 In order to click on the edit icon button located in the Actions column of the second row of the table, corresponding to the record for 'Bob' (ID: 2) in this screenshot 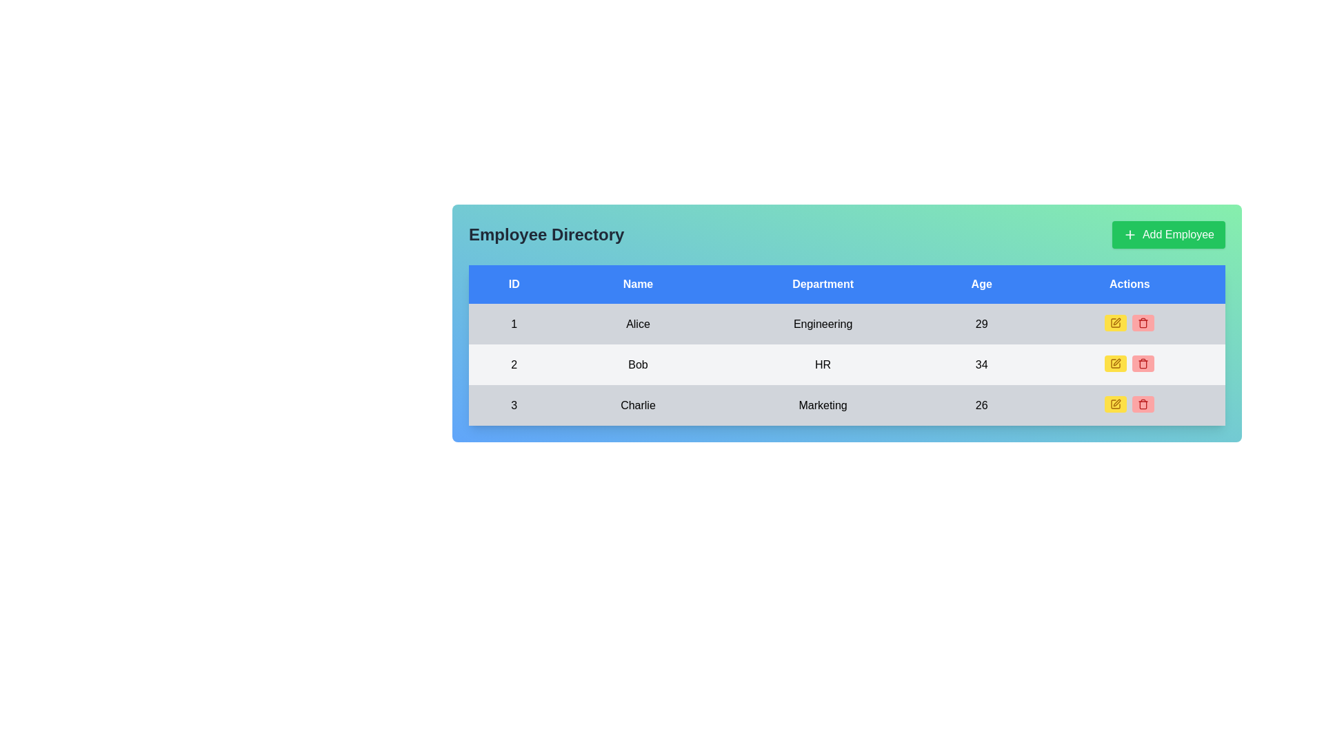, I will do `click(1116, 363)`.